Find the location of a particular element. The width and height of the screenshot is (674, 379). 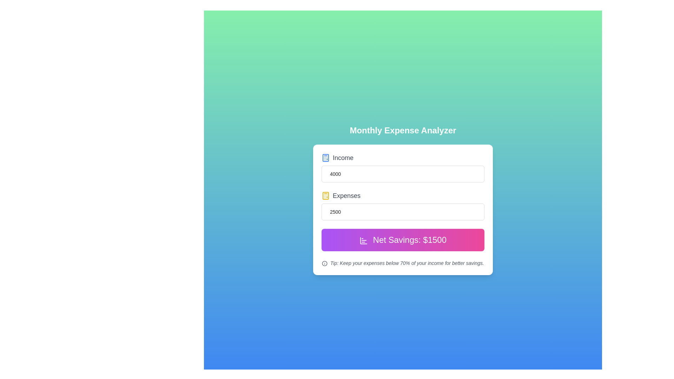

the numeric input field displaying '4000' in the 'Income' section to focus the field is located at coordinates (403, 174).